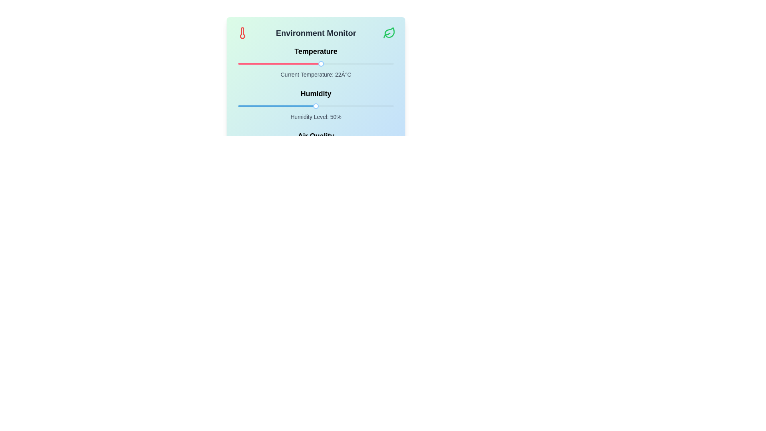 Image resolution: width=766 pixels, height=431 pixels. What do you see at coordinates (277, 106) in the screenshot?
I see `the displayed value on the interactive graphical bar within the slider, which visually represents a completed portion indicating 50%` at bounding box center [277, 106].